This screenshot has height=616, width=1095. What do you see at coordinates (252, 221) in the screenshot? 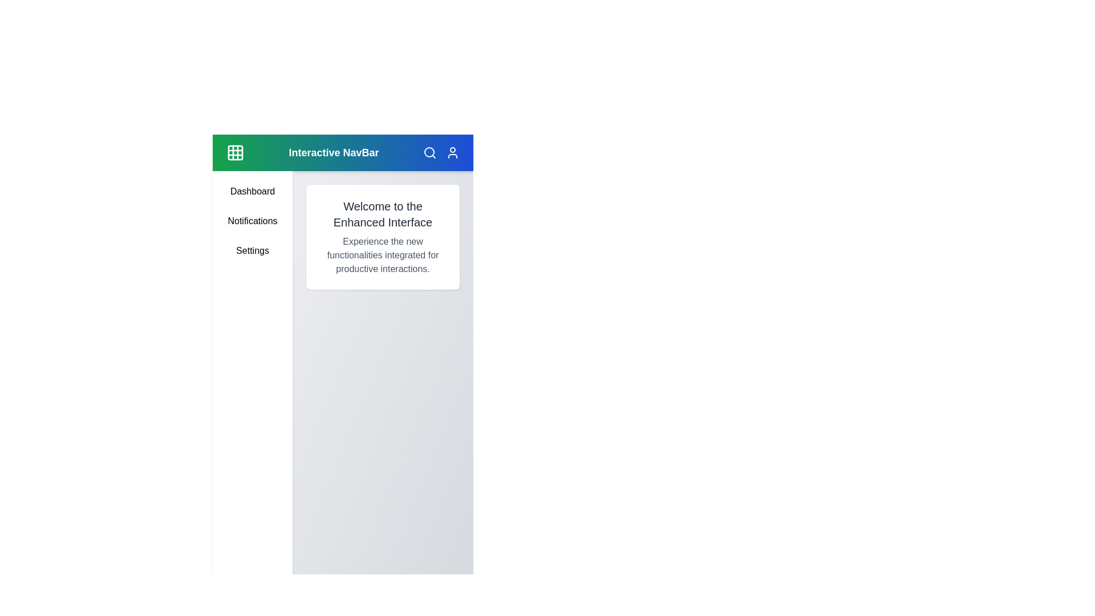
I see `the sidebar menu item Notifications to navigate to its respective section` at bounding box center [252, 221].